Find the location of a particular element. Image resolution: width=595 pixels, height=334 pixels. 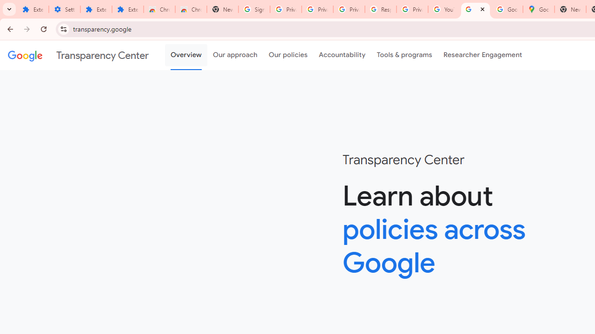

'New Tab' is located at coordinates (222, 9).